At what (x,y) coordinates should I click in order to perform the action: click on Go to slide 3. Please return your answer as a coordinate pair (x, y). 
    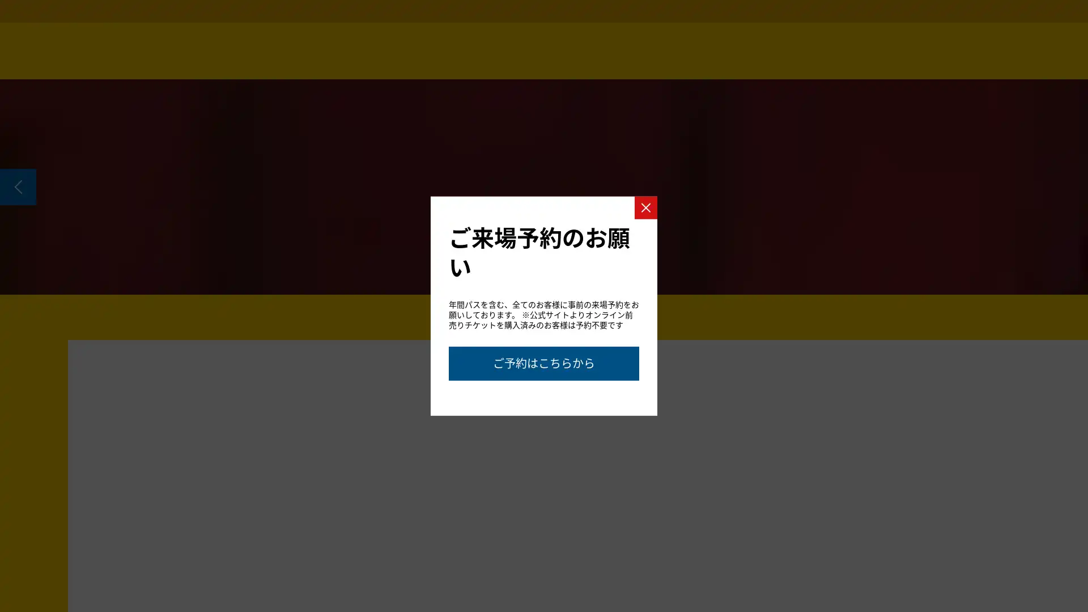
    Looking at the image, I should click on (557, 439).